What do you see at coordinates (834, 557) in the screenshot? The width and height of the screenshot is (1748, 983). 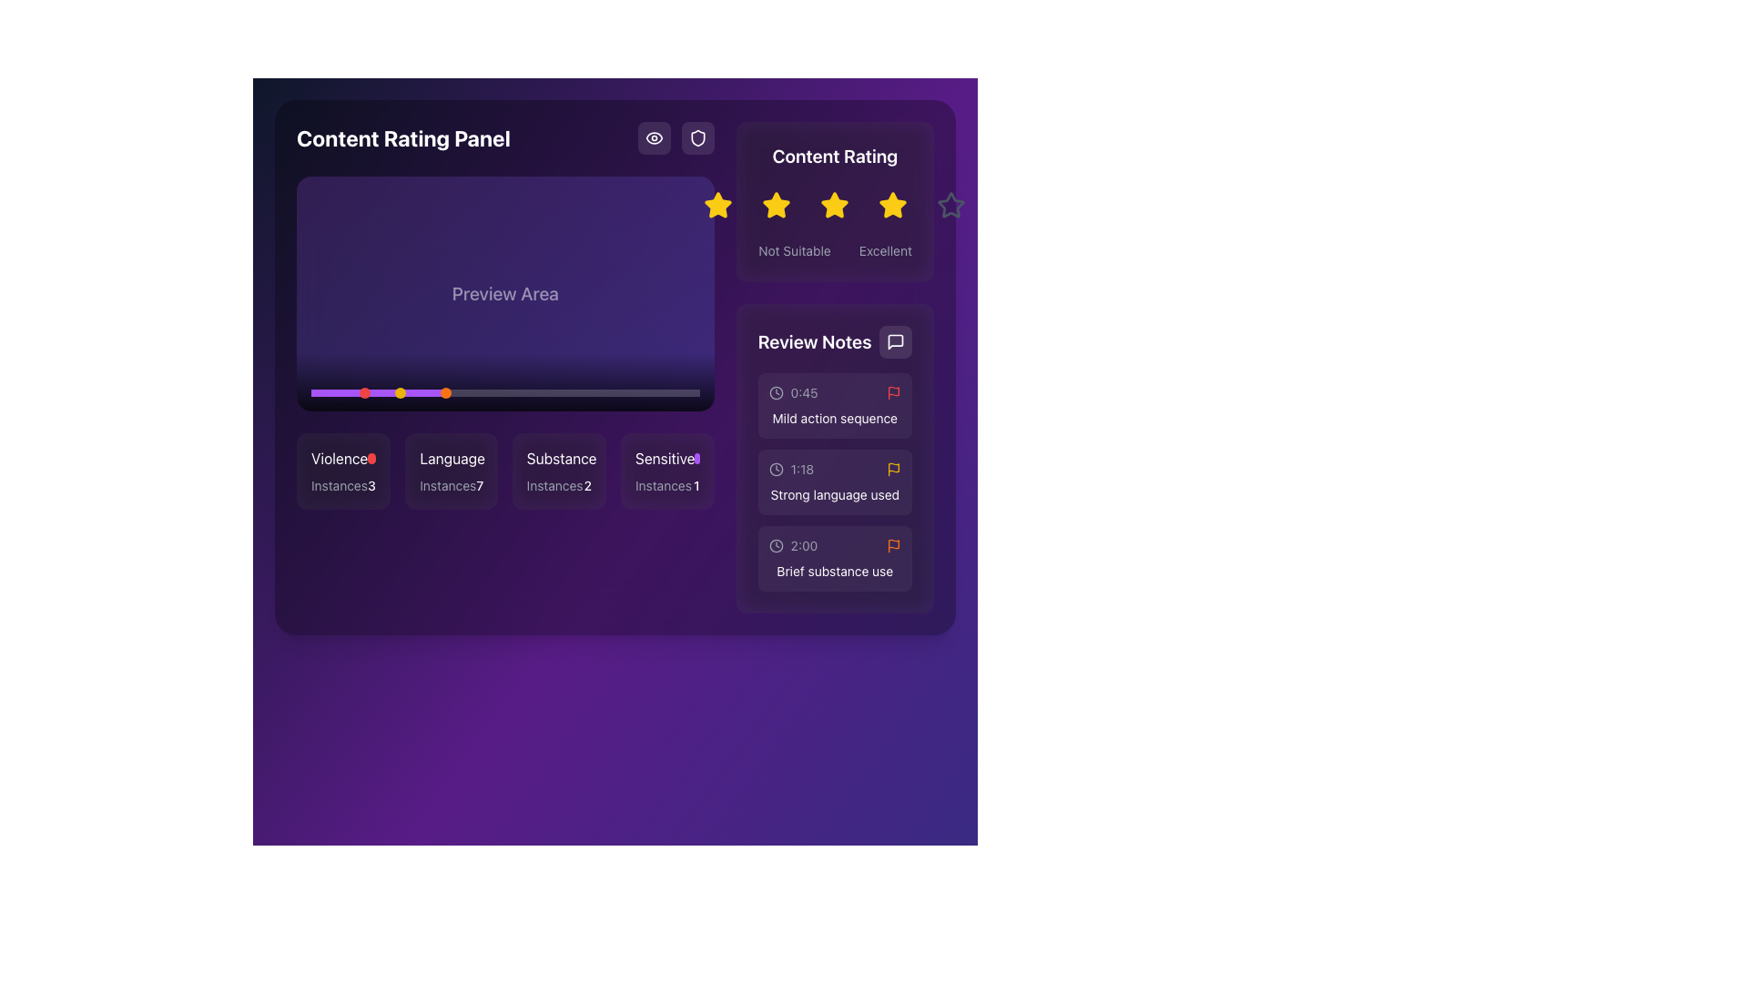 I see `the third and bottom-most Card or panel item in the 'Review Notes' panel that displays a timestamp and a brief descriptive label` at bounding box center [834, 557].